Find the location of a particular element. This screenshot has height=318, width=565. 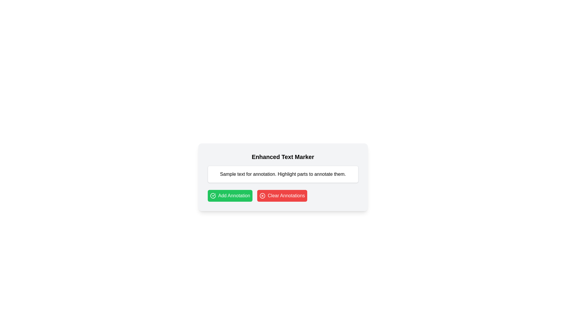

the letter 'm' in the text 'Sample text for annotation' located in the middle of the interface is located at coordinates (227, 174).